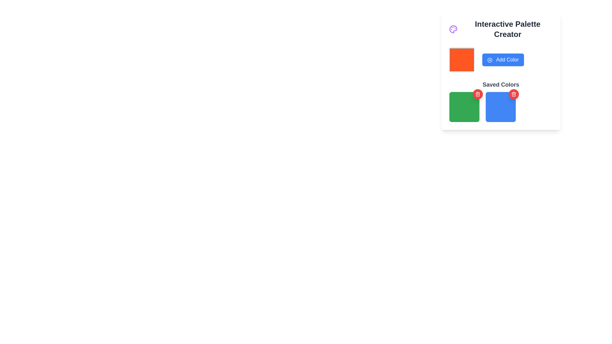  Describe the element at coordinates (464, 106) in the screenshot. I see `the green square with rounded corners and a border in the 'Saved Colors' section` at that location.